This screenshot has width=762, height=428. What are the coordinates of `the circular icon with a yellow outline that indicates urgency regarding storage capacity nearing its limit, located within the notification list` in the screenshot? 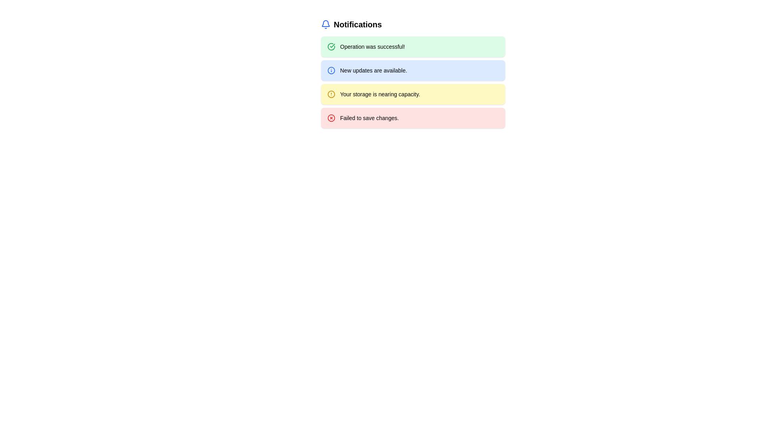 It's located at (331, 94).